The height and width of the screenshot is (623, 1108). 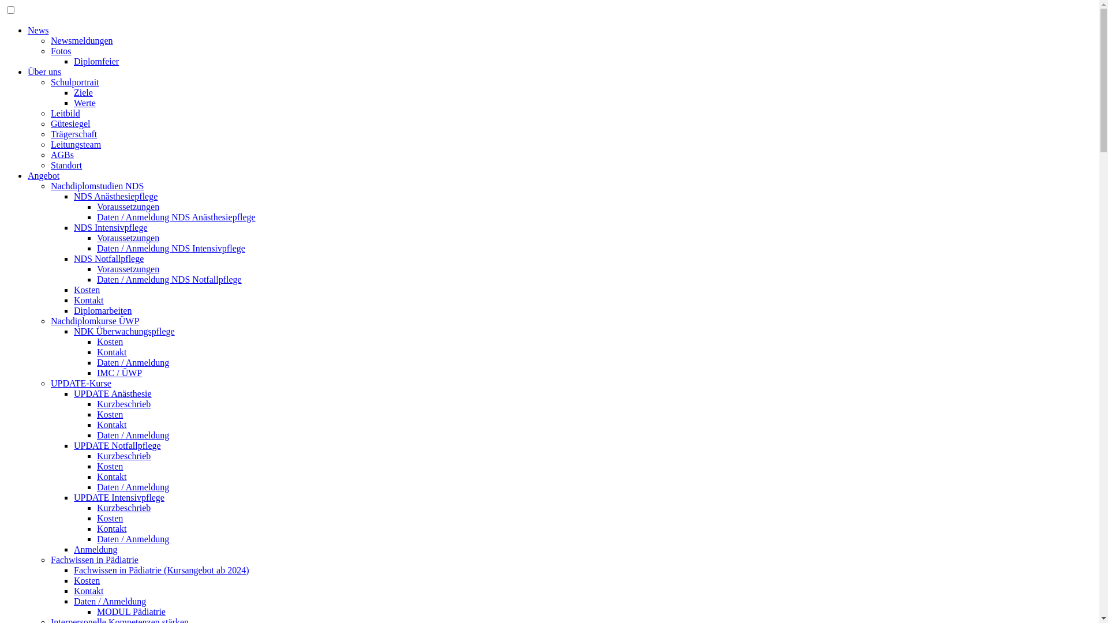 I want to click on 'Voraussetzungen', so click(x=128, y=237).